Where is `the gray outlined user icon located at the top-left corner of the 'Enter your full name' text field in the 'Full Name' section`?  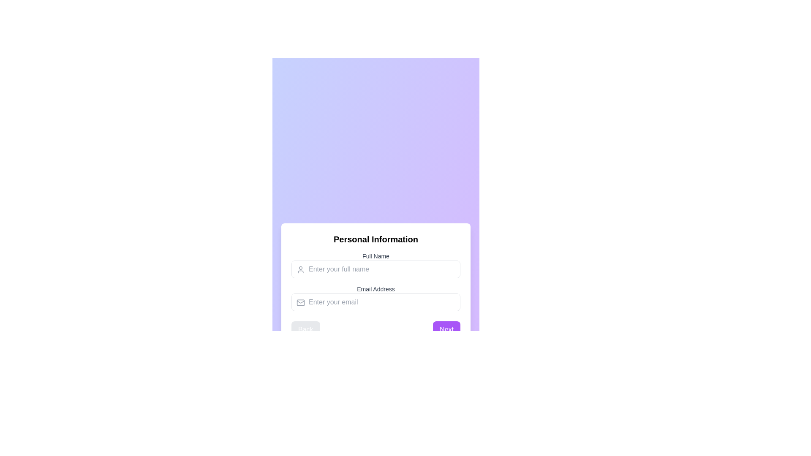 the gray outlined user icon located at the top-left corner of the 'Enter your full name' text field in the 'Full Name' section is located at coordinates (300, 270).